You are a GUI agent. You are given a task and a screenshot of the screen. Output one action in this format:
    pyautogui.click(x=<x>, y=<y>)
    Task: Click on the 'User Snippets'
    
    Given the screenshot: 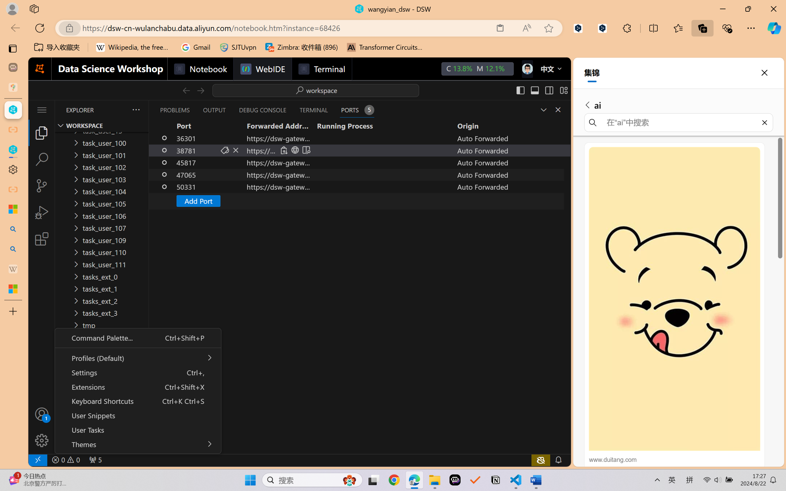 What is the action you would take?
    pyautogui.click(x=137, y=415)
    